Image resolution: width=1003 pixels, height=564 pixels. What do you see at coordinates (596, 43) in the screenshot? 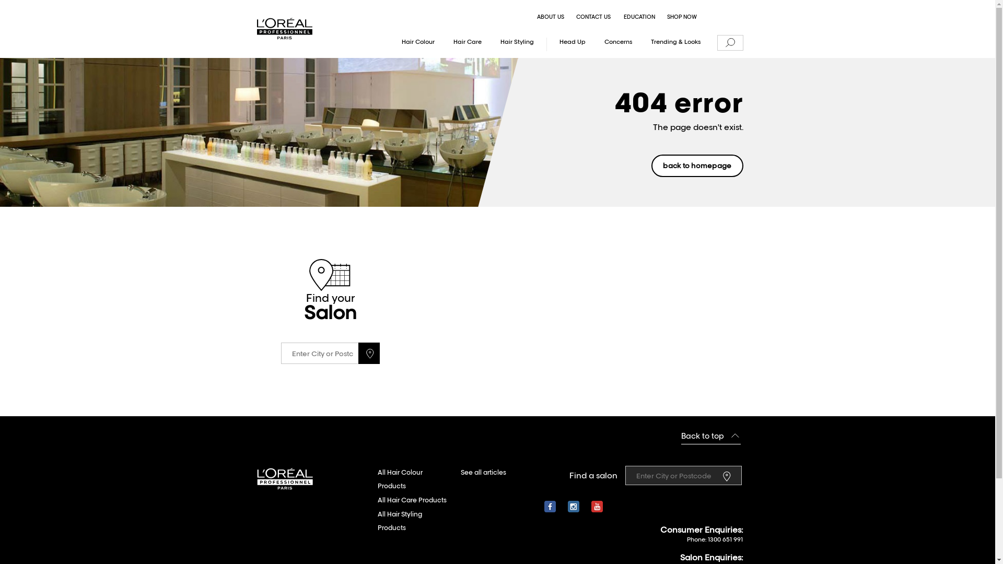
I see `'Concerns'` at bounding box center [596, 43].